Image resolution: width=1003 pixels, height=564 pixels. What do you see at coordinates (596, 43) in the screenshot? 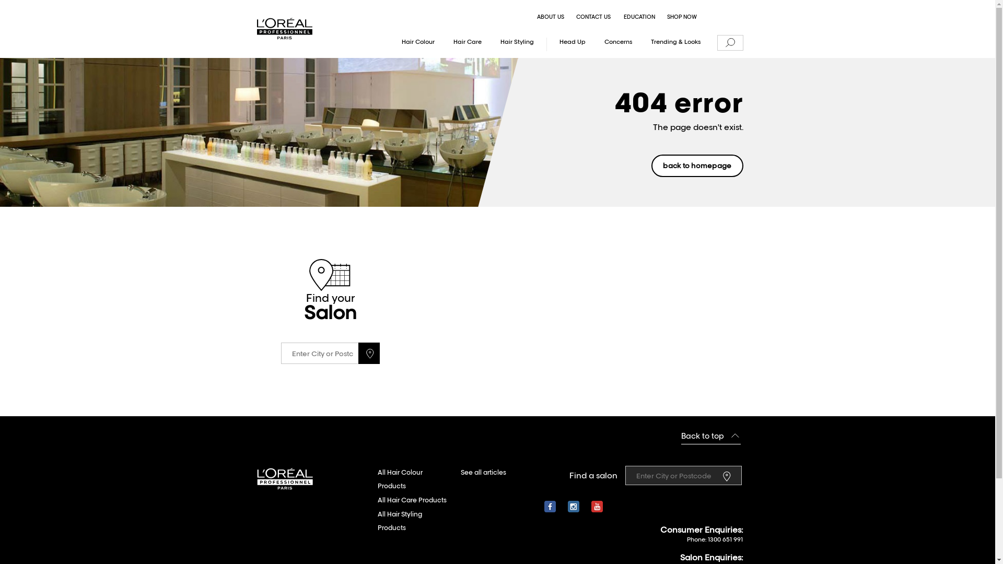
I see `'Concerns'` at bounding box center [596, 43].